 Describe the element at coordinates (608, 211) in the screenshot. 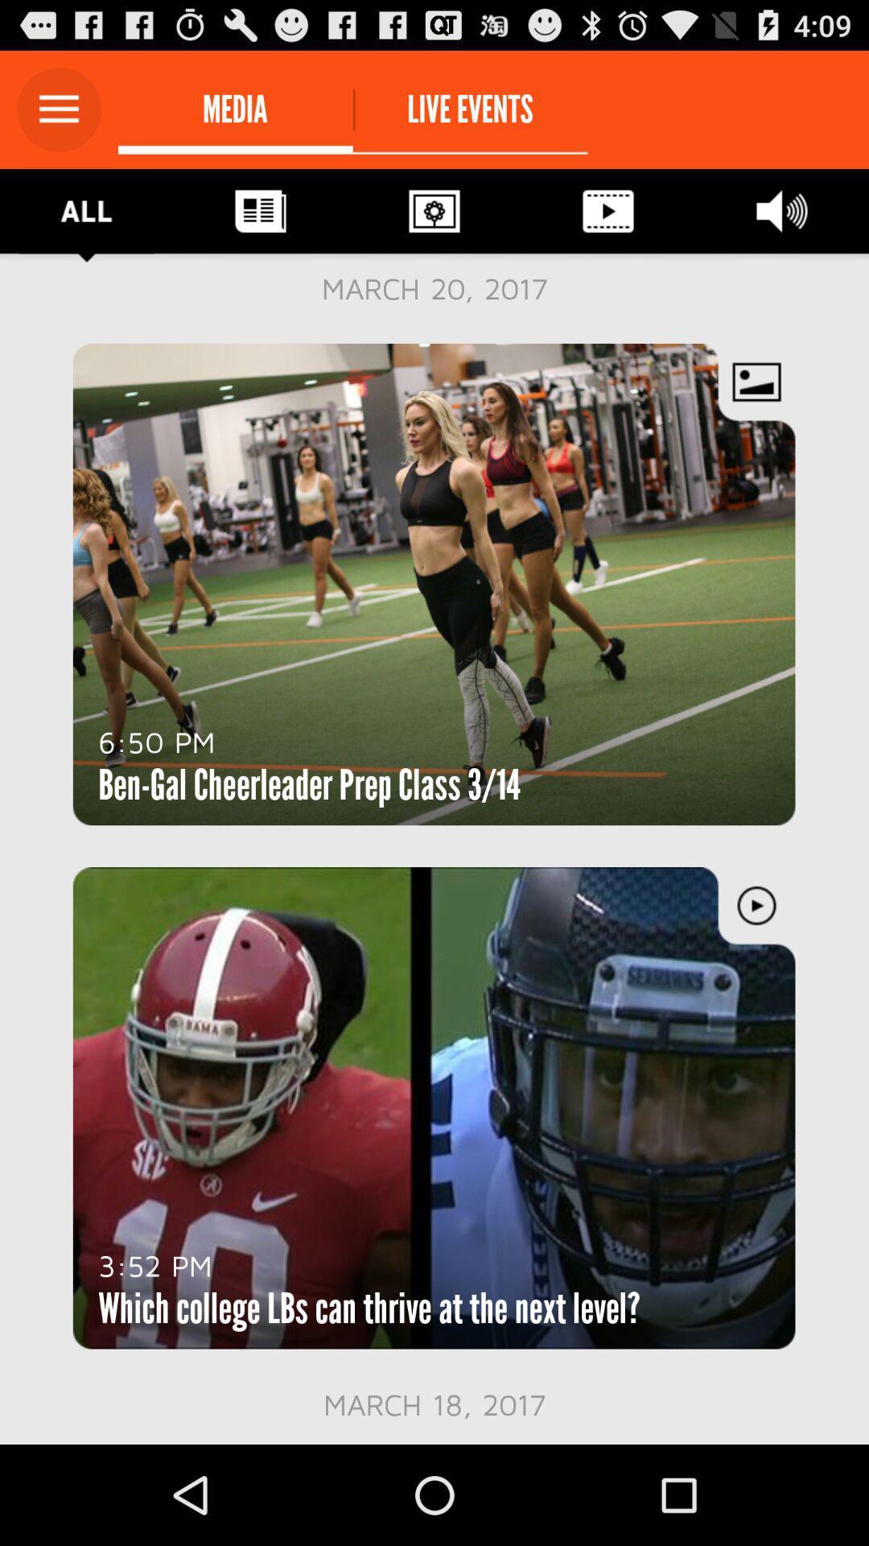

I see `fourth option in second row` at that location.